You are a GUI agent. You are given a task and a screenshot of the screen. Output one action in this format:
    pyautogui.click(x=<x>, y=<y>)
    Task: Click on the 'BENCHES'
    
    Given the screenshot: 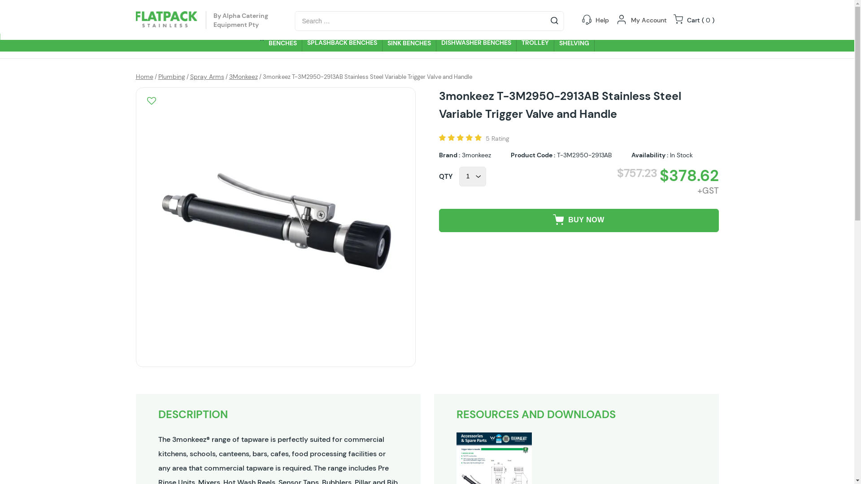 What is the action you would take?
    pyautogui.click(x=282, y=43)
    